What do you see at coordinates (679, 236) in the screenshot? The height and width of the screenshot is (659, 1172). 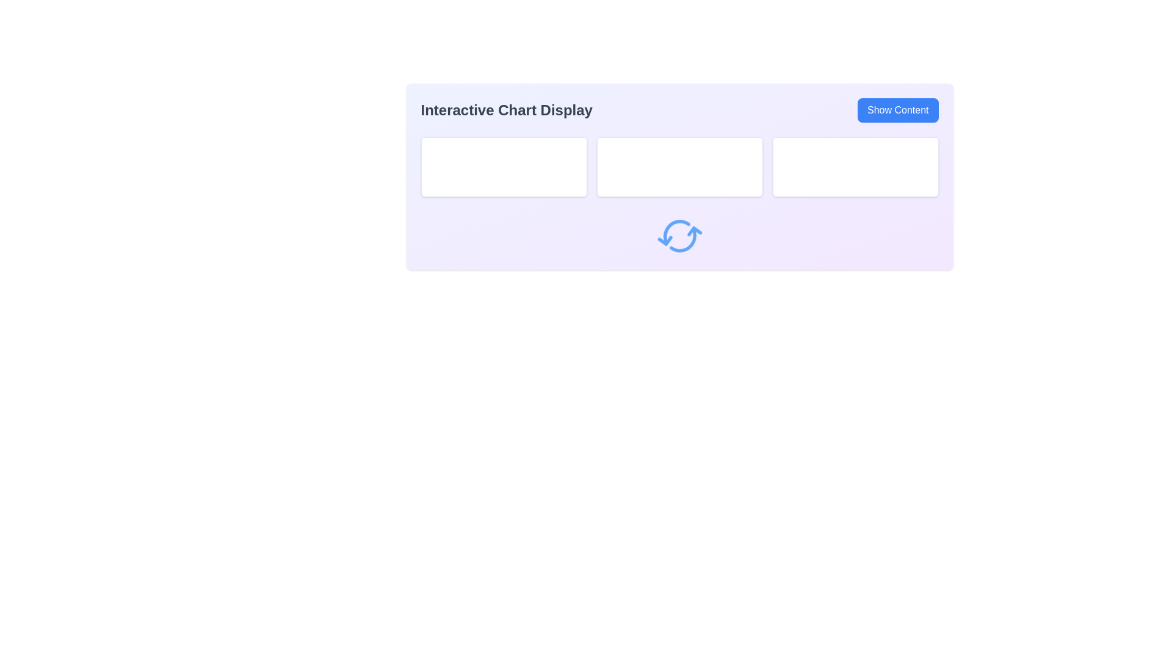 I see `the animated loading icon located at the bottom center of the 'Interactive Chart Display', which indicates a refresh or synchronization action` at bounding box center [679, 236].